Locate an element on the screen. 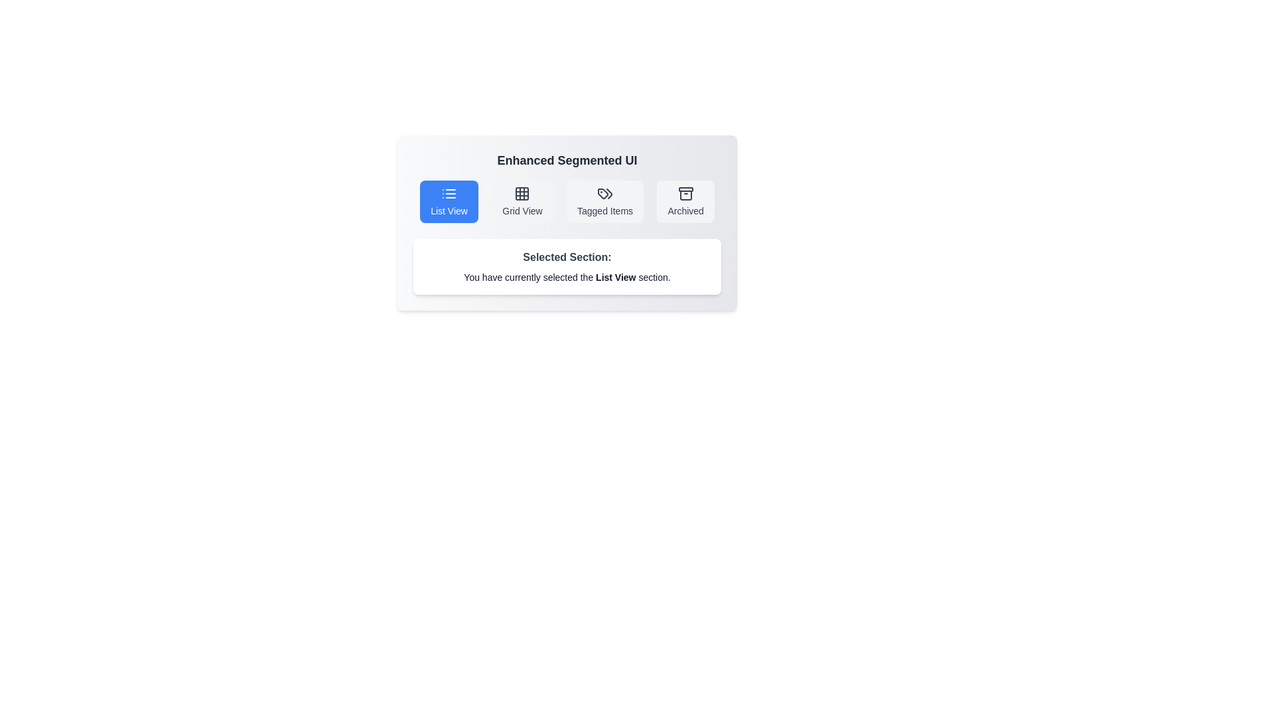 The width and height of the screenshot is (1274, 717). the tag icon located within the 'Tagged Items' button, which is the third button in a horizontal set of four buttons at the top center of the interface for contextual information is located at coordinates (604, 194).